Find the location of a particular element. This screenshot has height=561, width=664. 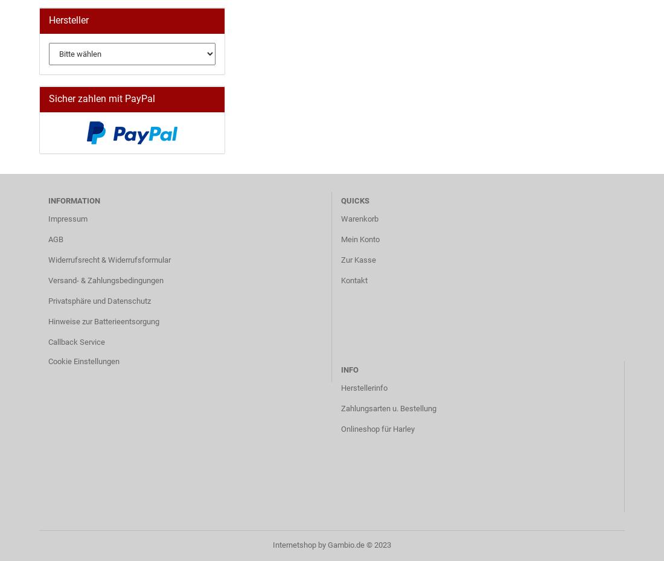

'Widerrufsrecht & Widerrufsformular' is located at coordinates (109, 259).